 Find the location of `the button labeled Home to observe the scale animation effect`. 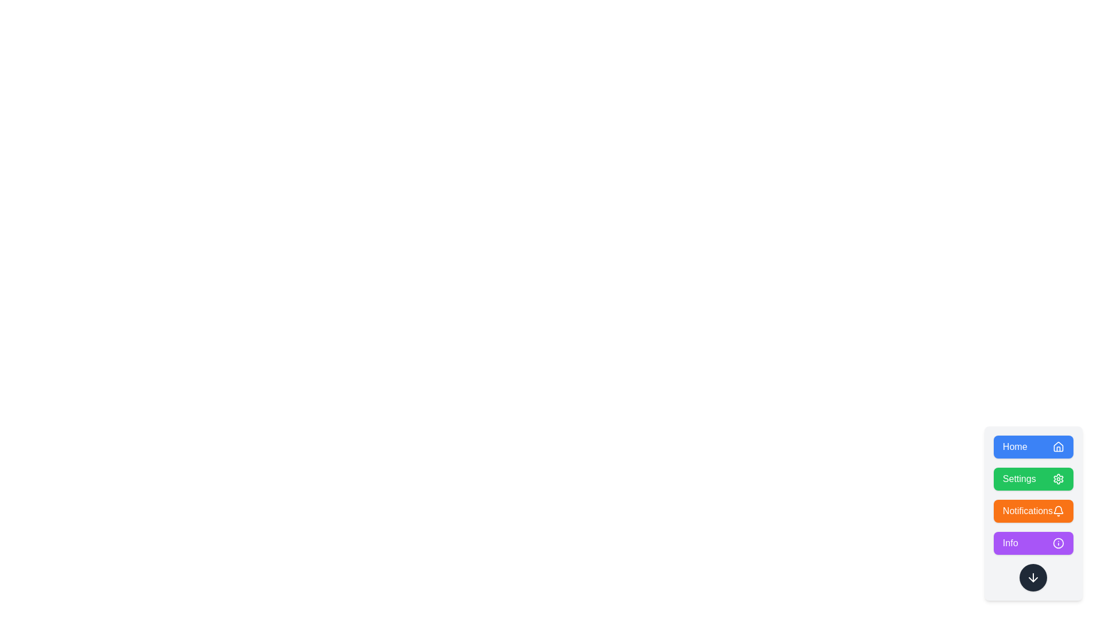

the button labeled Home to observe the scale animation effect is located at coordinates (1033, 446).